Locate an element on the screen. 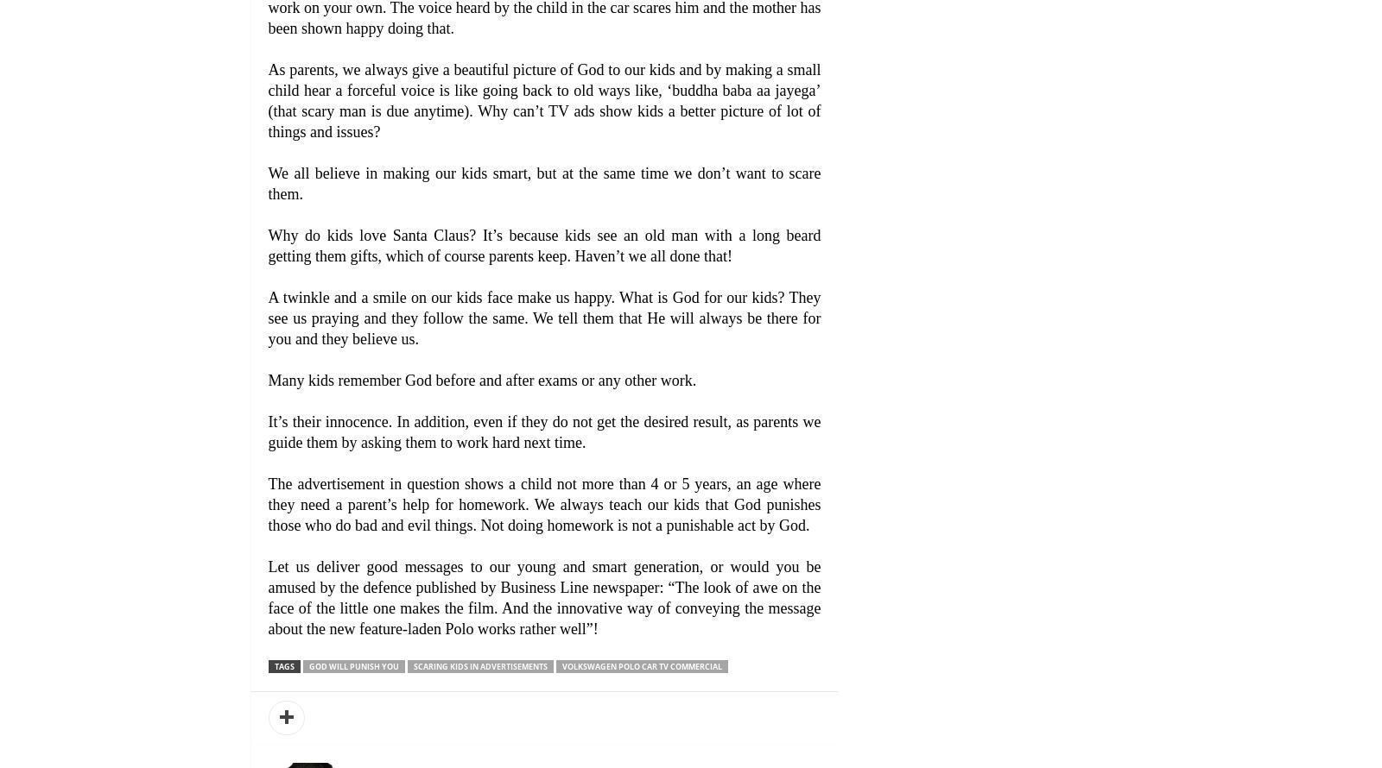 The image size is (1382, 768). 'Scaring Kids In Advertisements' is located at coordinates (479, 666).